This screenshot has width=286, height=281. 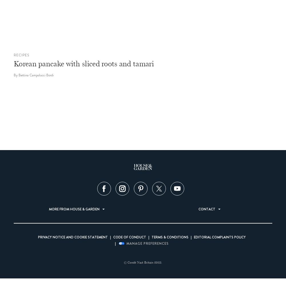 What do you see at coordinates (220, 237) in the screenshot?
I see `'Editorial Complaints Policy'` at bounding box center [220, 237].